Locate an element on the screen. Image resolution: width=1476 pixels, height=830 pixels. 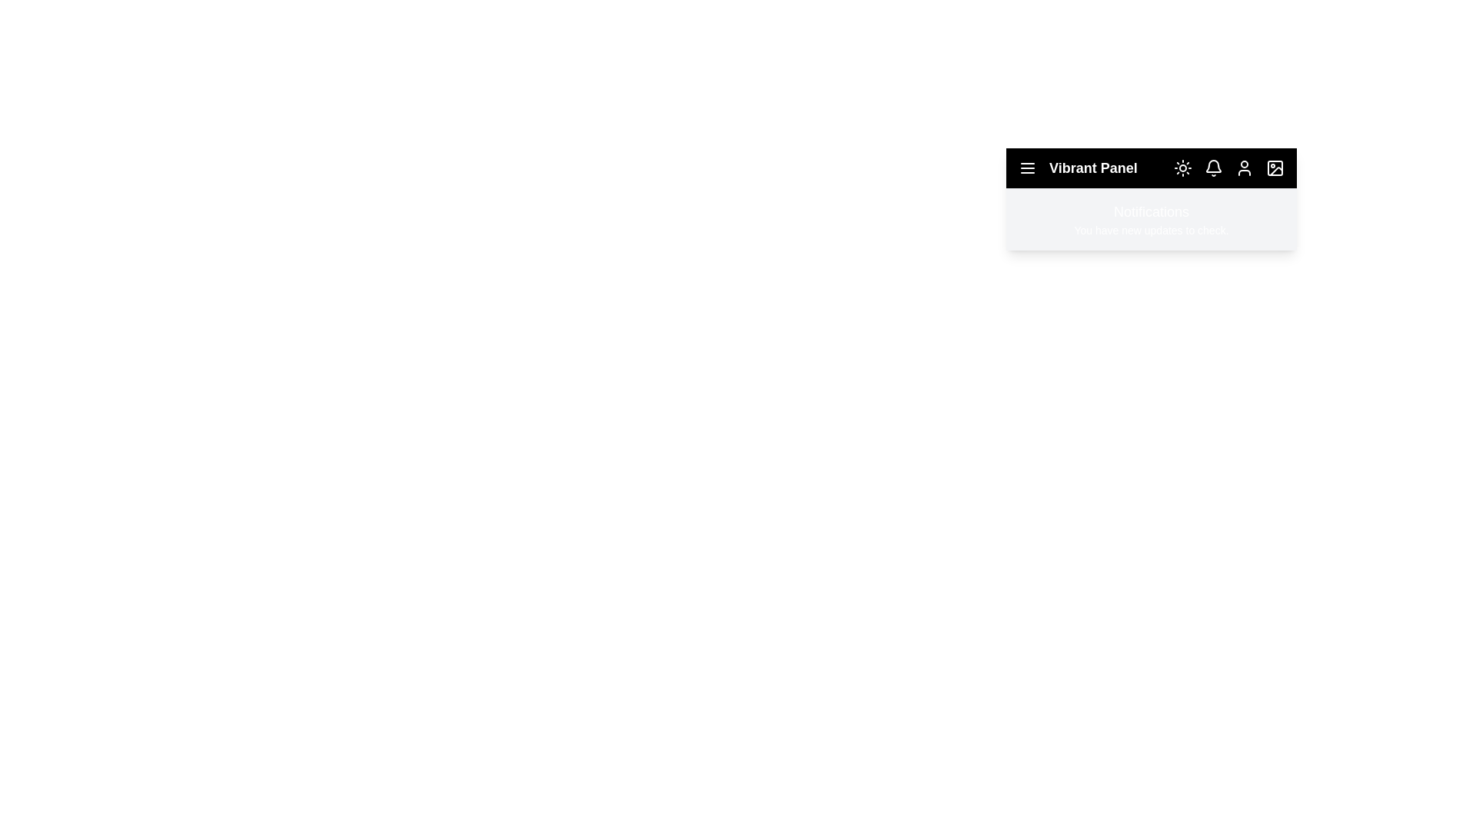
the menu icon to interact with the menu is located at coordinates (1028, 168).